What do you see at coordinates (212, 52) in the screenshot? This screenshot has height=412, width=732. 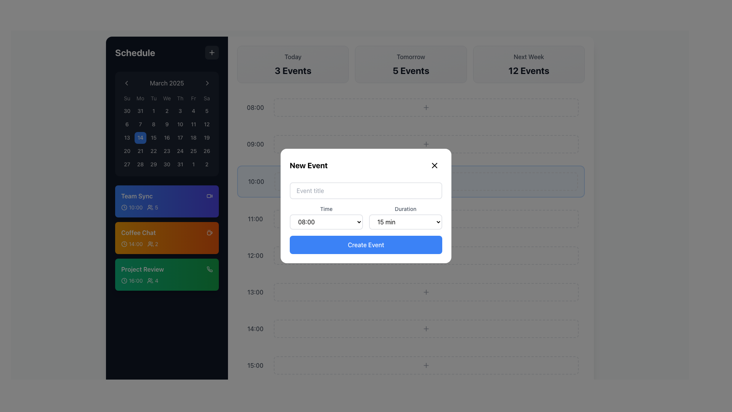 I see `the '+' icon button located on the top-right portion of the vertical navigation bar` at bounding box center [212, 52].